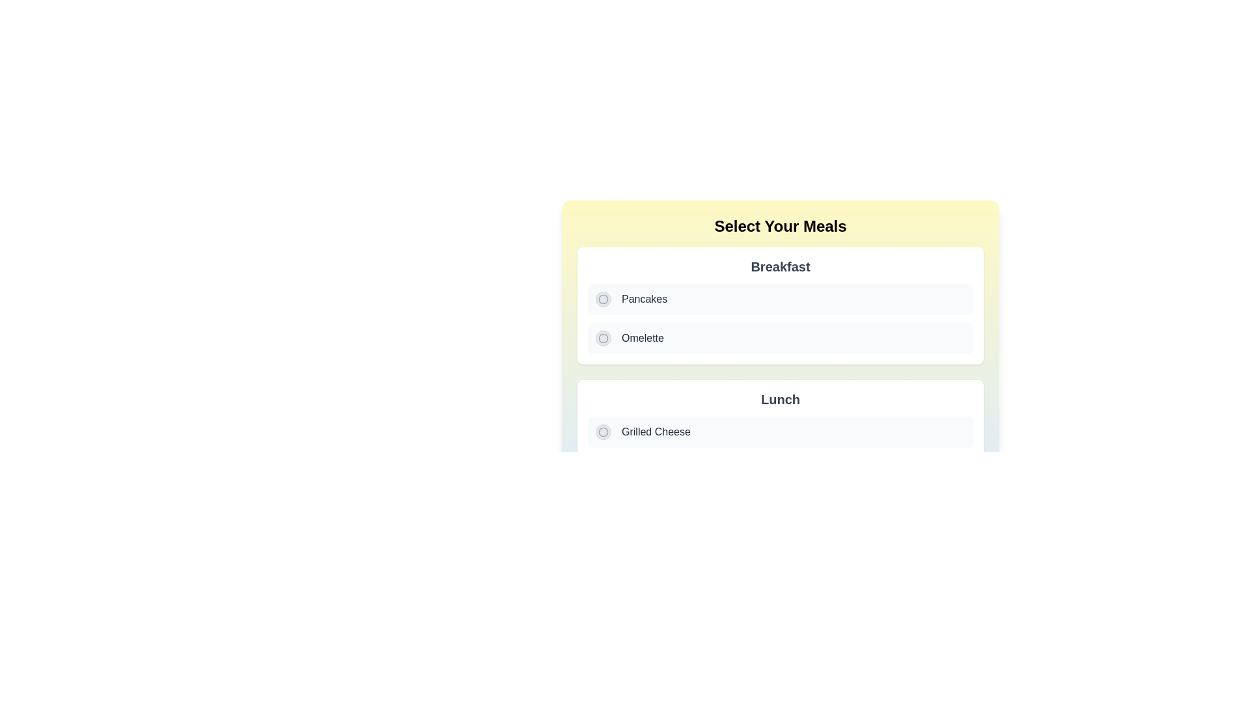 This screenshot has width=1250, height=703. Describe the element at coordinates (602, 338) in the screenshot. I see `the circular icon that indicates the selection option for the 'Omelette' meal choice, located to the left of the 'Omelette' text under the 'Breakfast' section` at that location.